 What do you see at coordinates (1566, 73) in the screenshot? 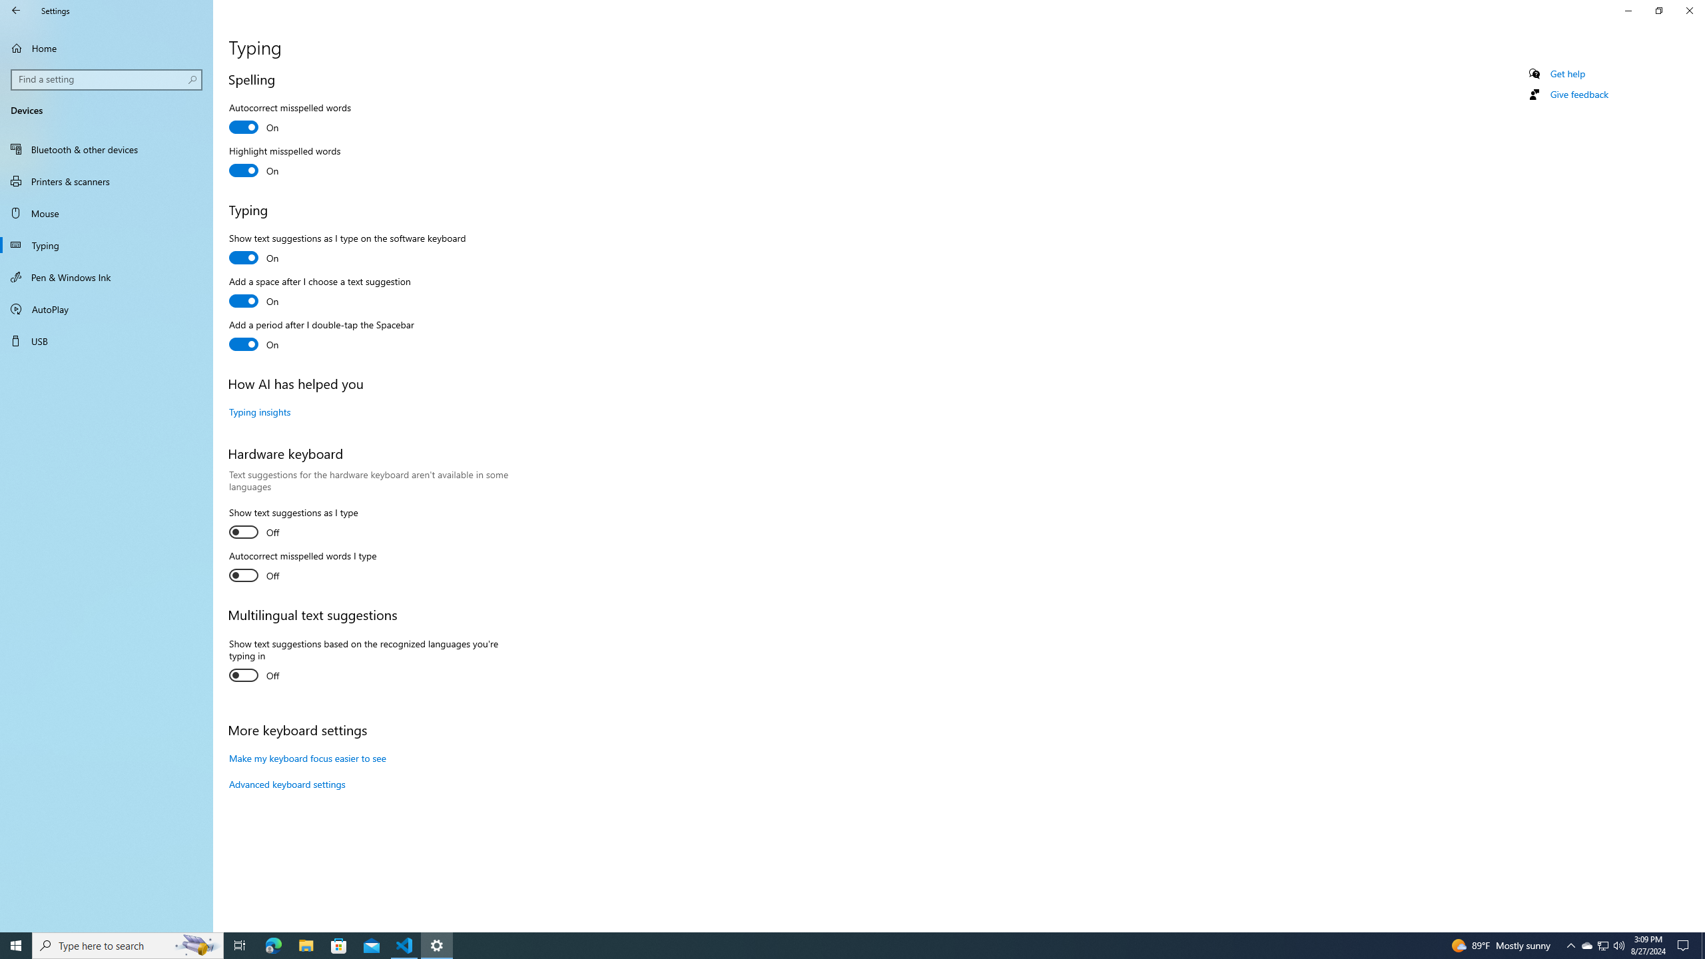
I see `'Get help'` at bounding box center [1566, 73].